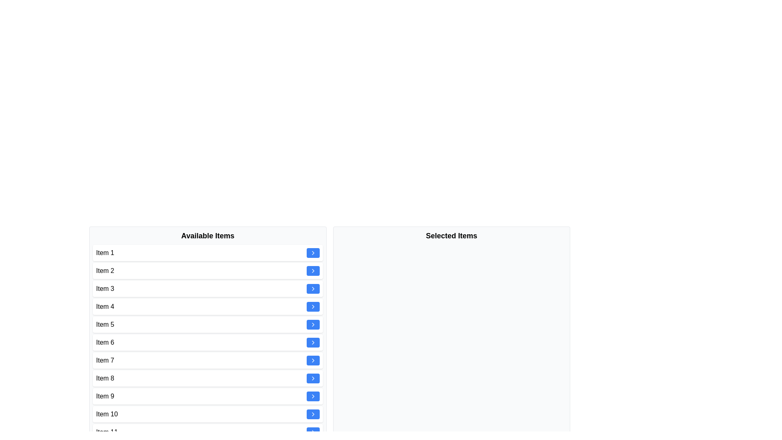 The width and height of the screenshot is (782, 440). Describe the element at coordinates (312, 306) in the screenshot. I see `the arrow icon pointing to the right, which is part of the blue circular button located in the 5th row of the 'Available Items' list, aligned horizontally with the text 'Item 5'` at that location.